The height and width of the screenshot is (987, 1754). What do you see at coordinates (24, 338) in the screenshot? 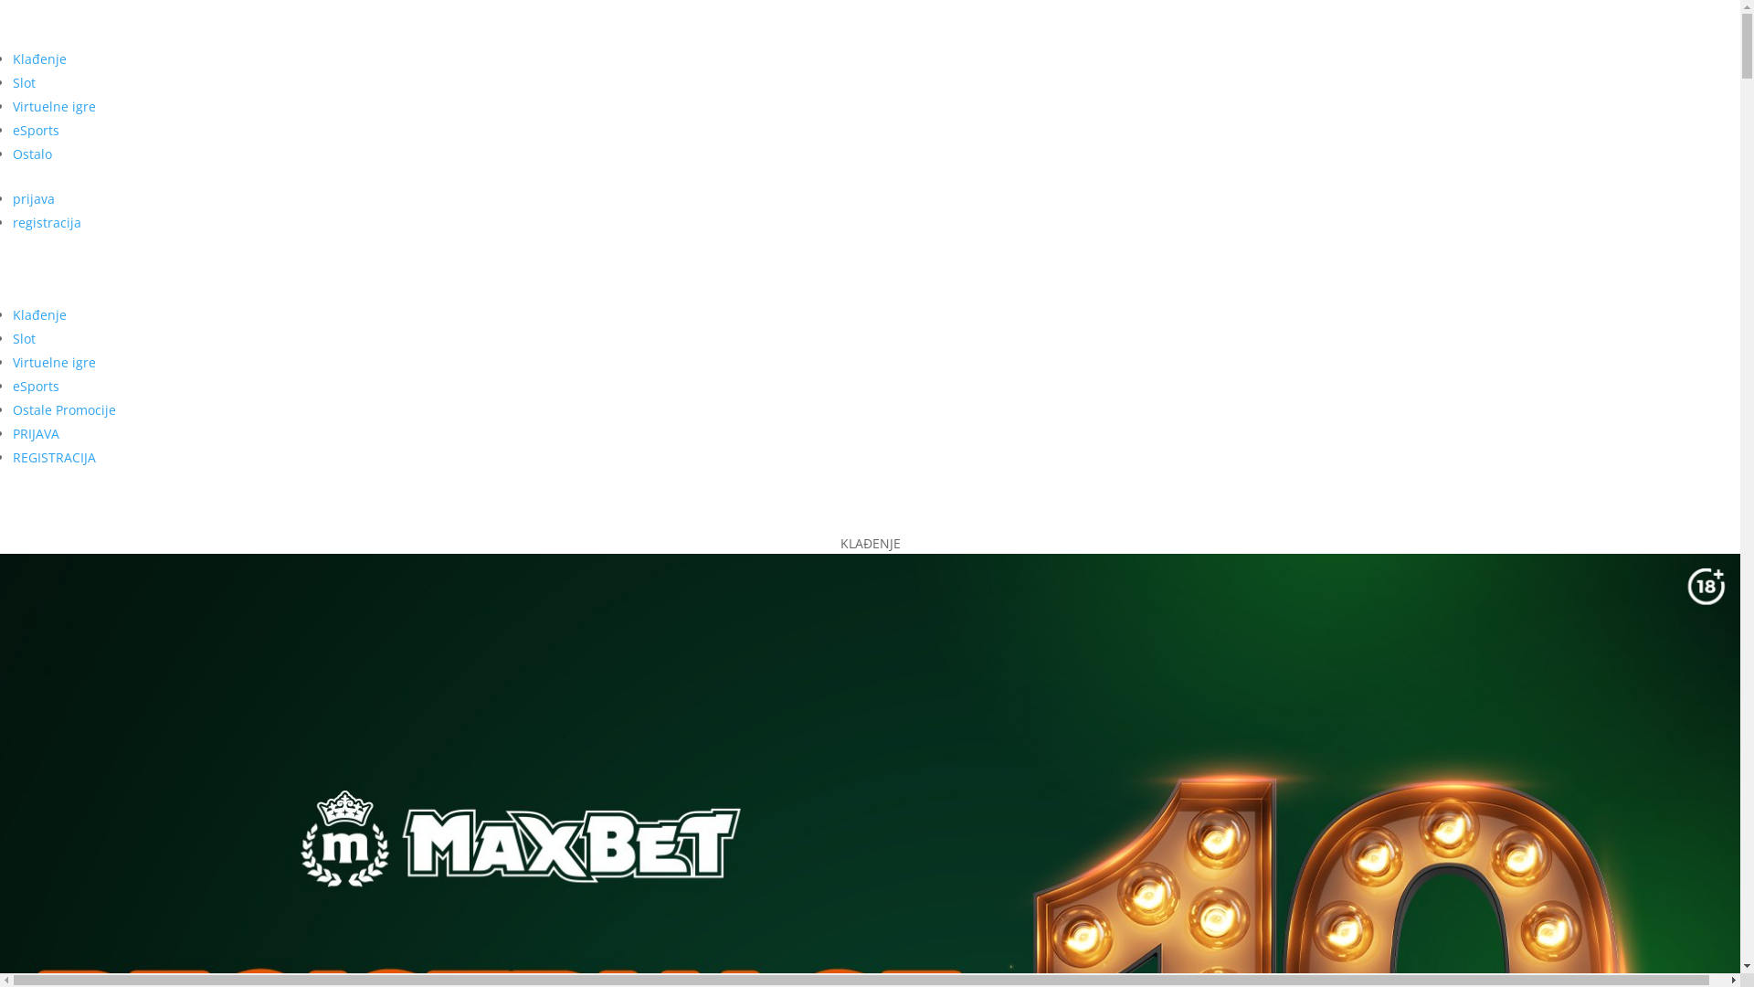
I see `'Slot'` at bounding box center [24, 338].